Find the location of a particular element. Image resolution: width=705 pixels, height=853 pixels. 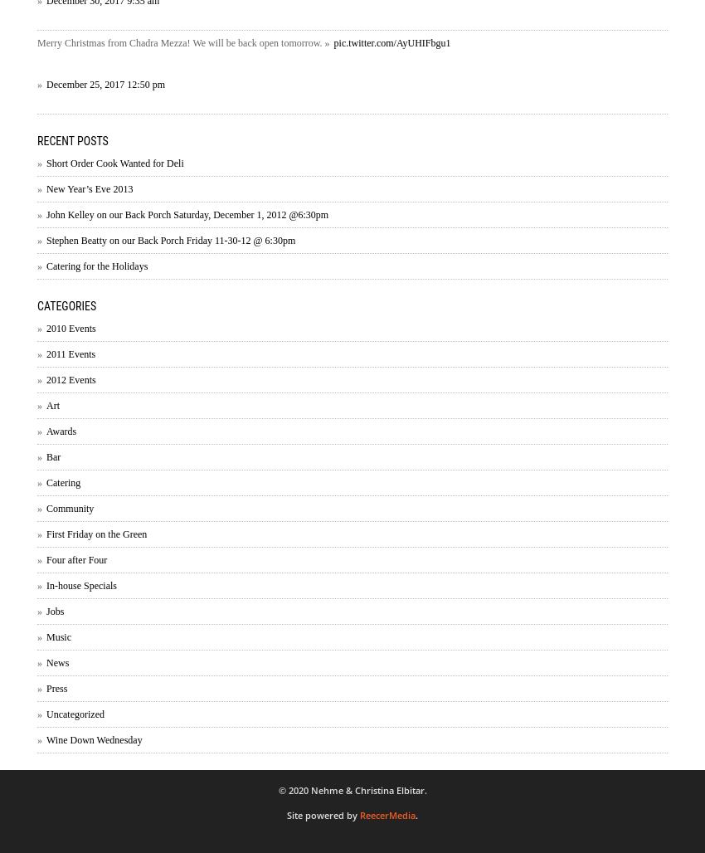

'Merry Christmas from Chadra Mezza! We will be back open tomorrow.' is located at coordinates (181, 41).